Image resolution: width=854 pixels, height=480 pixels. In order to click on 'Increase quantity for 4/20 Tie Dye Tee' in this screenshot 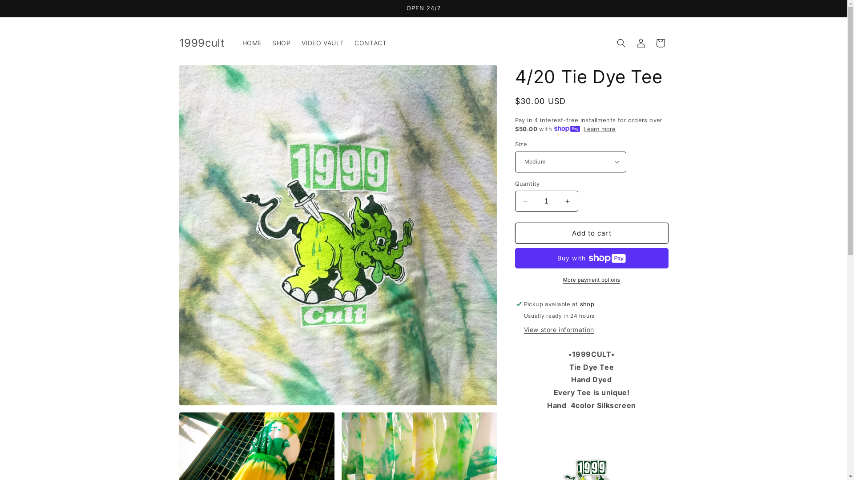, I will do `click(567, 201)`.